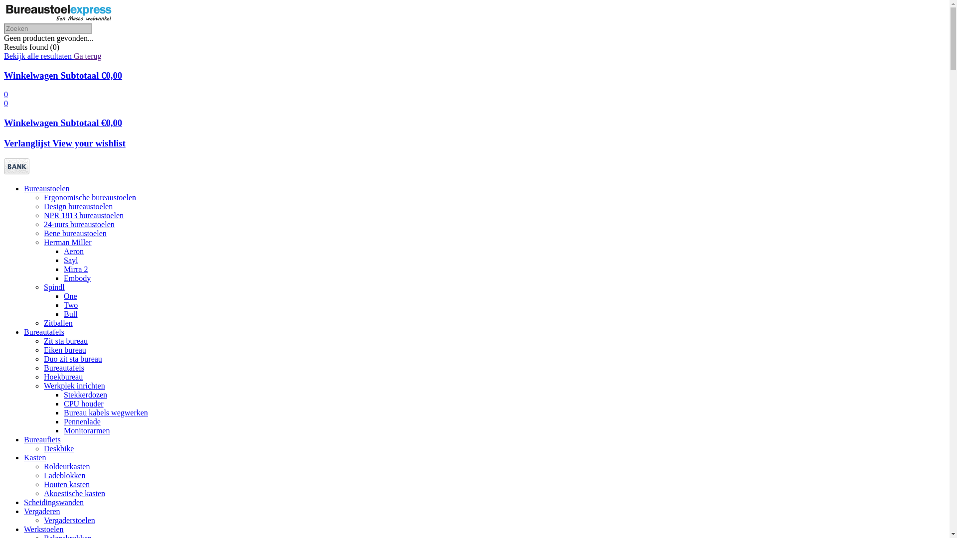 This screenshot has height=538, width=957. Describe the element at coordinates (72, 359) in the screenshot. I see `'Duo zit sta bureau'` at that location.